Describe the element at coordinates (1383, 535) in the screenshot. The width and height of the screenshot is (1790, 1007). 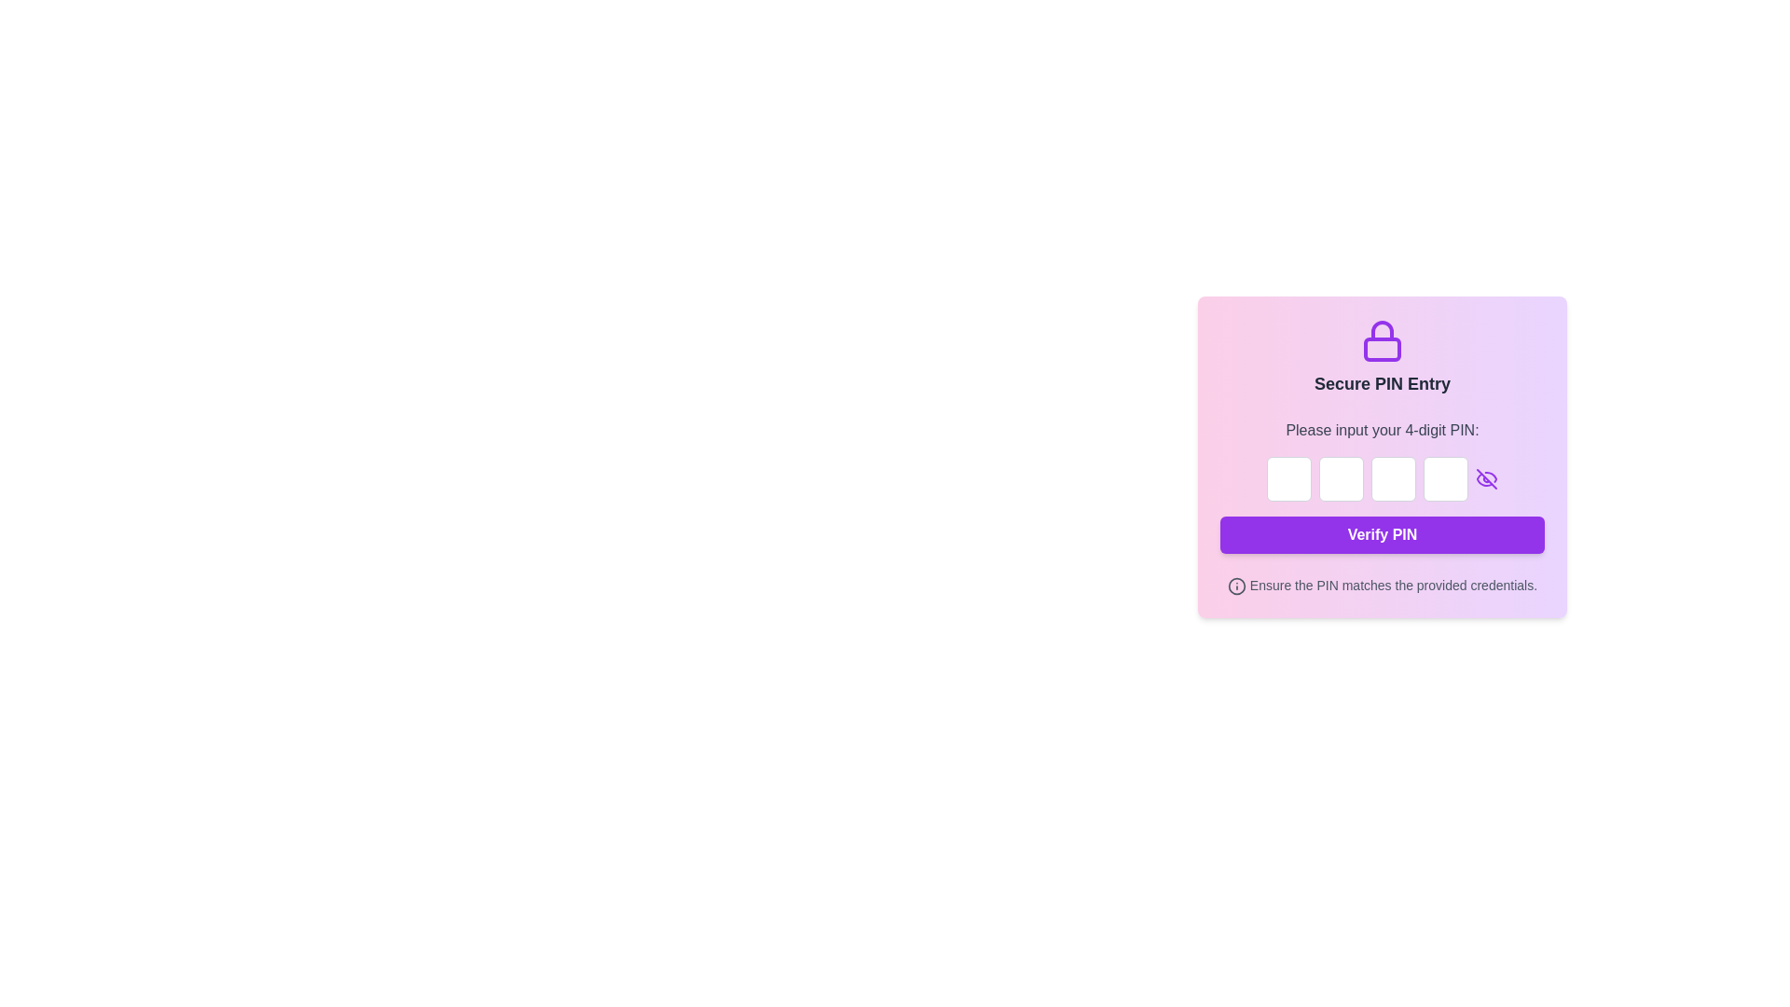
I see `the 'Verify PIN' button, which is a horizontally elongated rectangular button with a vibrant purple background and white bold text` at that location.